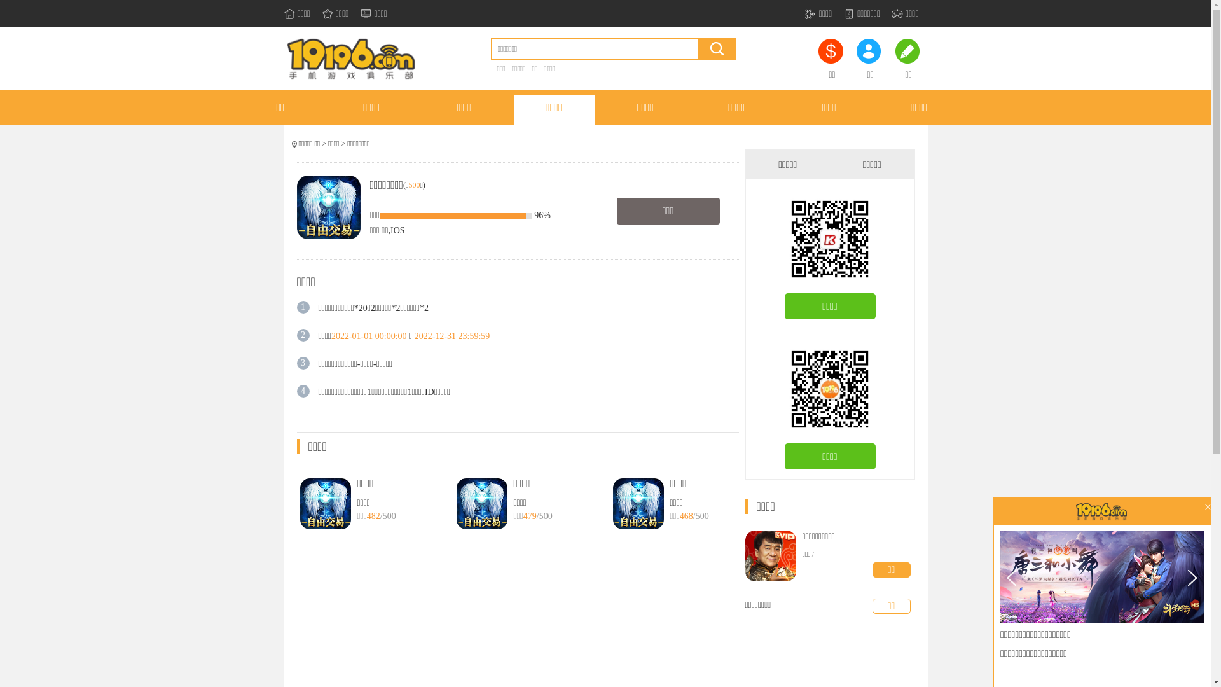 This screenshot has height=687, width=1221. What do you see at coordinates (1011, 578) in the screenshot?
I see `'<'` at bounding box center [1011, 578].